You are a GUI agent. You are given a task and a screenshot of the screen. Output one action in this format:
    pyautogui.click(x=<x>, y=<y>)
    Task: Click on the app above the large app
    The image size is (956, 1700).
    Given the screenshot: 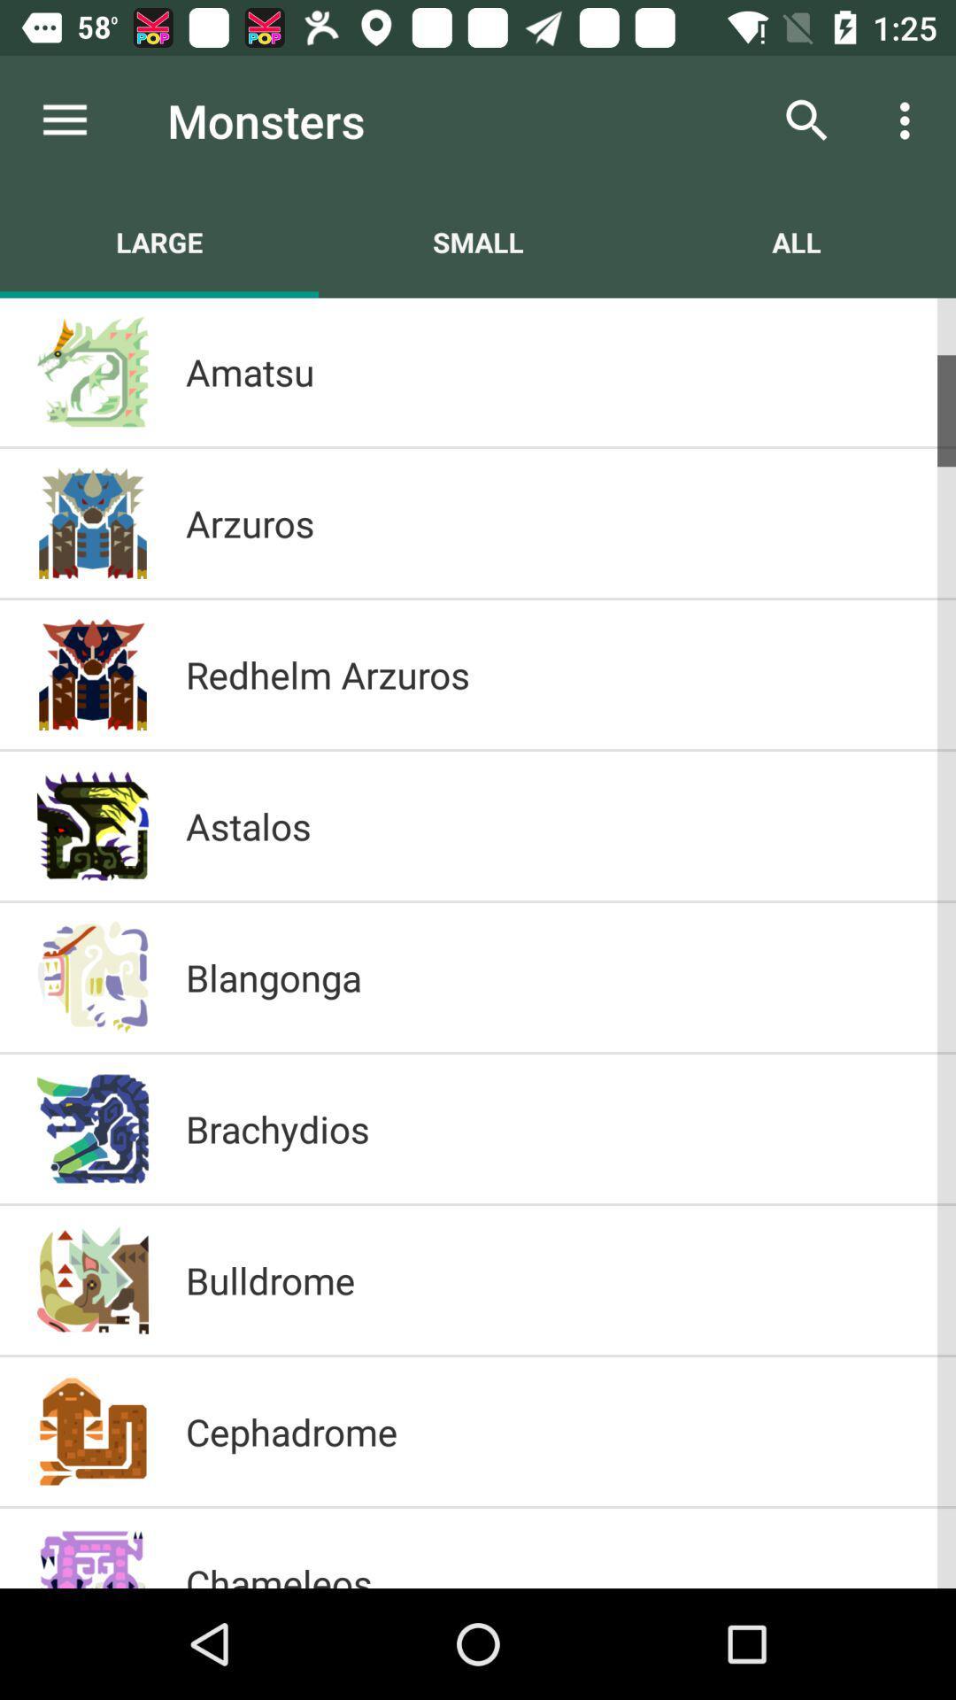 What is the action you would take?
    pyautogui.click(x=64, y=120)
    